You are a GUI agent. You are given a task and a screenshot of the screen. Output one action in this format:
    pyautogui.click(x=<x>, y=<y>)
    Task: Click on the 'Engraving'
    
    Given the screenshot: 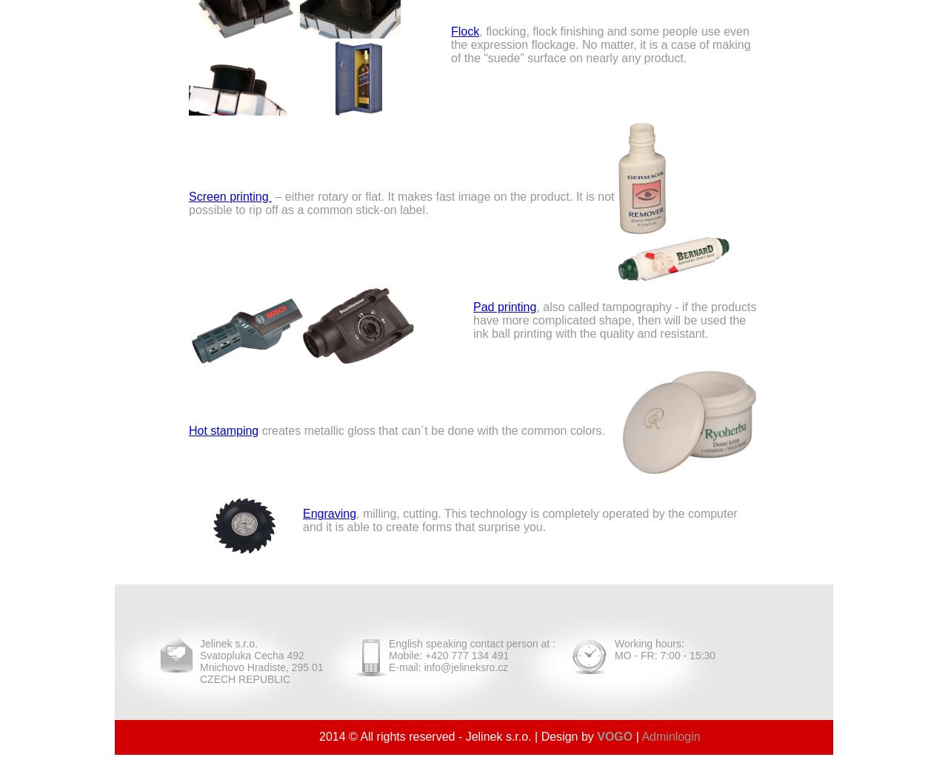 What is the action you would take?
    pyautogui.click(x=329, y=513)
    